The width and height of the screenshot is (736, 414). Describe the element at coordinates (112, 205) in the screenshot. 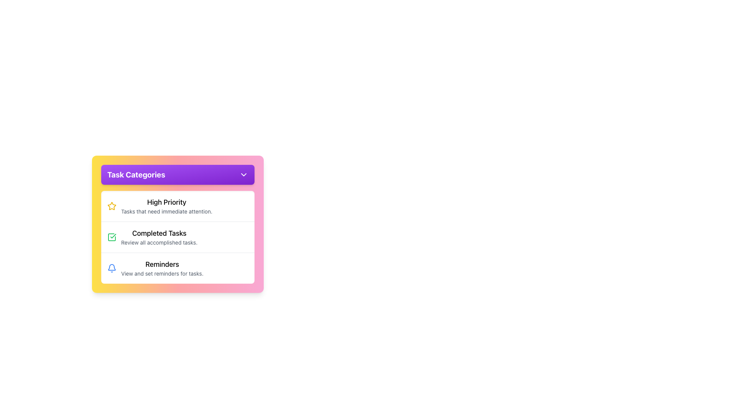

I see `the icon representing high-priority tasks located in the 'Task Categories' section at the top left corner of the interface` at that location.